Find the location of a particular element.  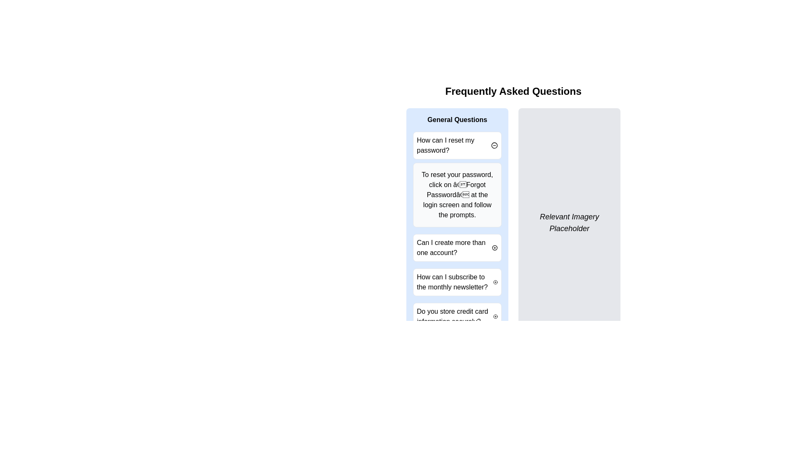

the text header titled 'Frequently Asked Questions', which is bold and centered at the top of its section is located at coordinates (513, 91).